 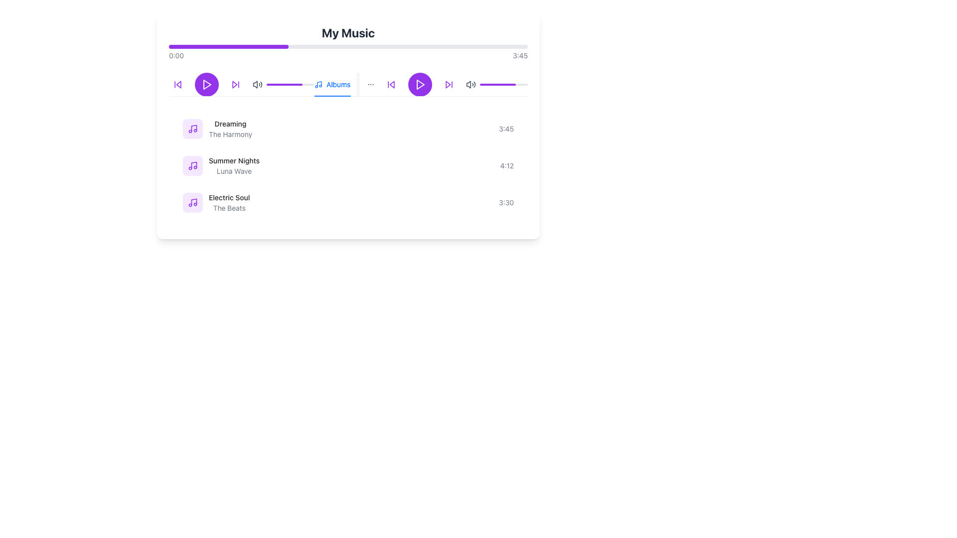 What do you see at coordinates (230, 124) in the screenshot?
I see `the title label of a music item located in the 'Albums' tab, positioned above the text 'The Harmony' and aligned to the left side next to a music note icon` at bounding box center [230, 124].